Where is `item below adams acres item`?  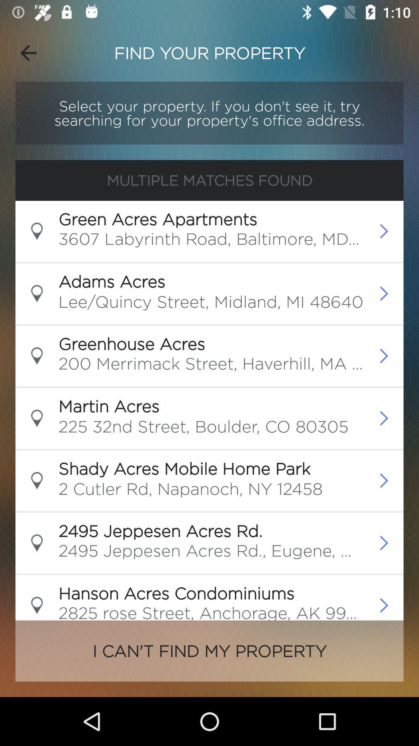 item below adams acres item is located at coordinates (211, 303).